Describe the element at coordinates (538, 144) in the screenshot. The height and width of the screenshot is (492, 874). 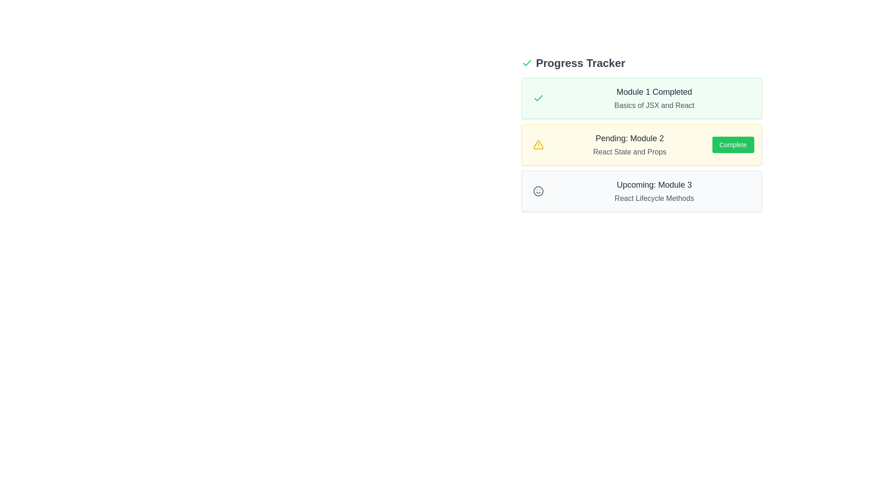
I see `the yellow warning icon in the shape of a triangle with an exclamation mark, located to the left of the text 'Pending: Module 2' in the pending task section` at that location.